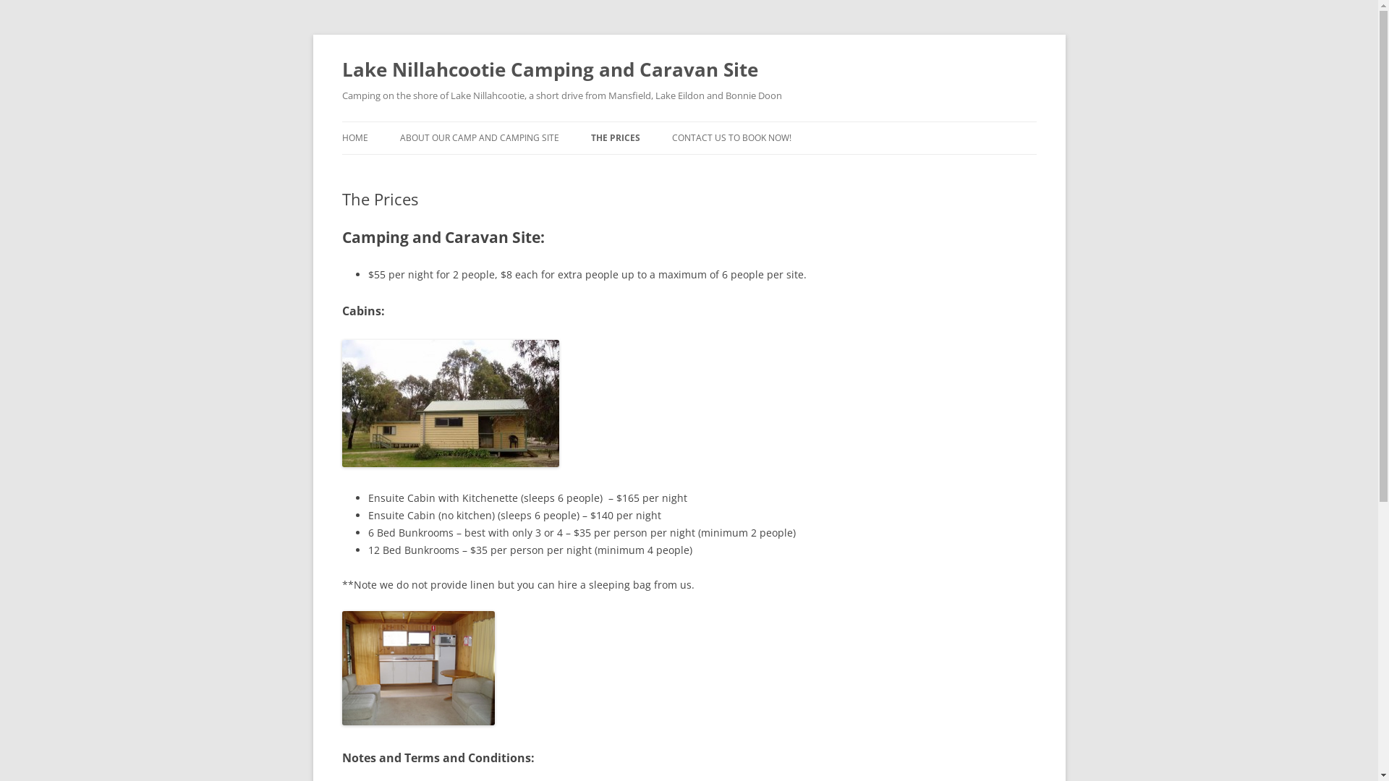 This screenshot has height=781, width=1389. What do you see at coordinates (340, 138) in the screenshot?
I see `'HOME'` at bounding box center [340, 138].